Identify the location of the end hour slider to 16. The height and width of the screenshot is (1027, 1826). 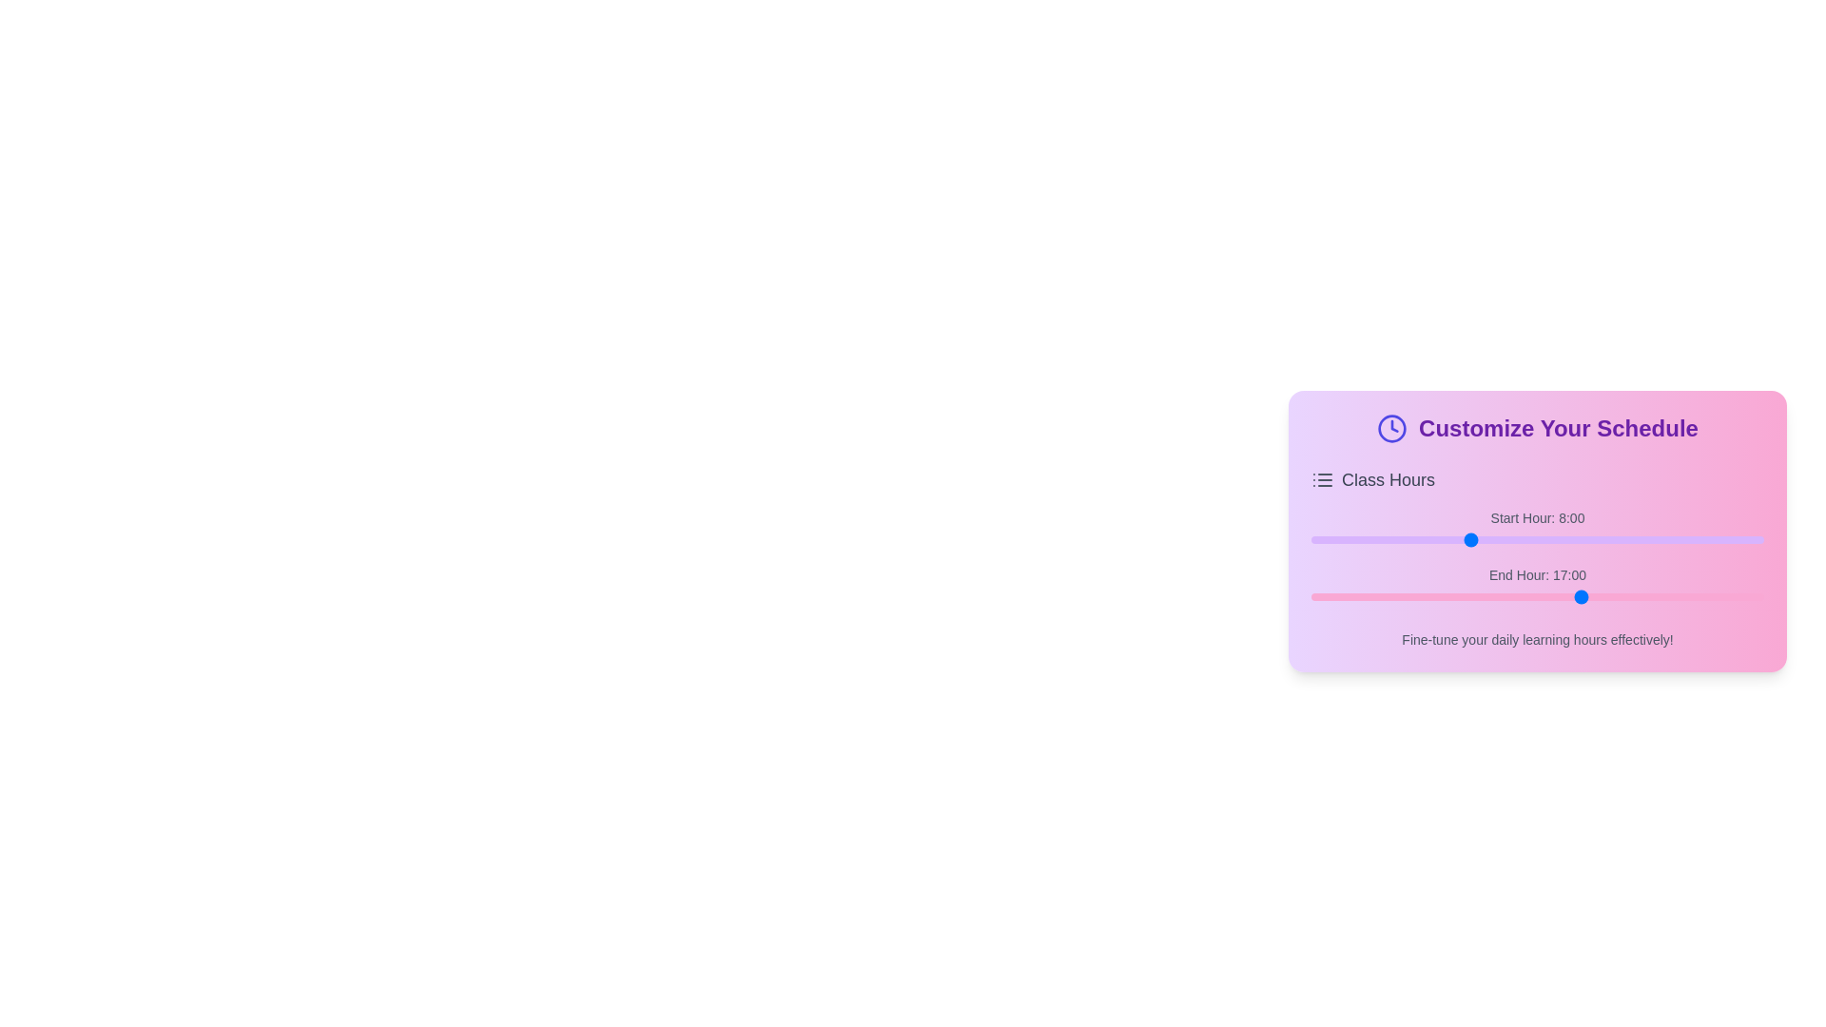
(1552, 596).